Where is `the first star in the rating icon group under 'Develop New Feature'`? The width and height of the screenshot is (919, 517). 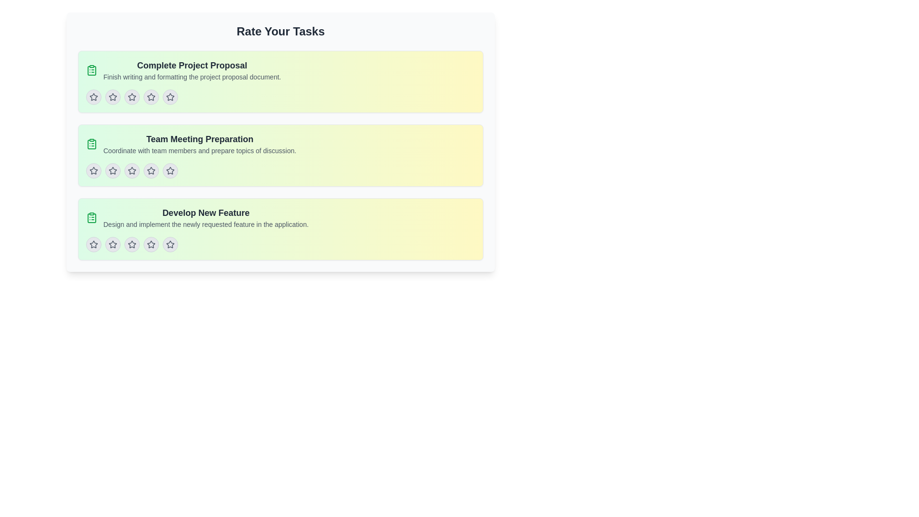
the first star in the rating icon group under 'Develop New Feature' is located at coordinates (112, 244).